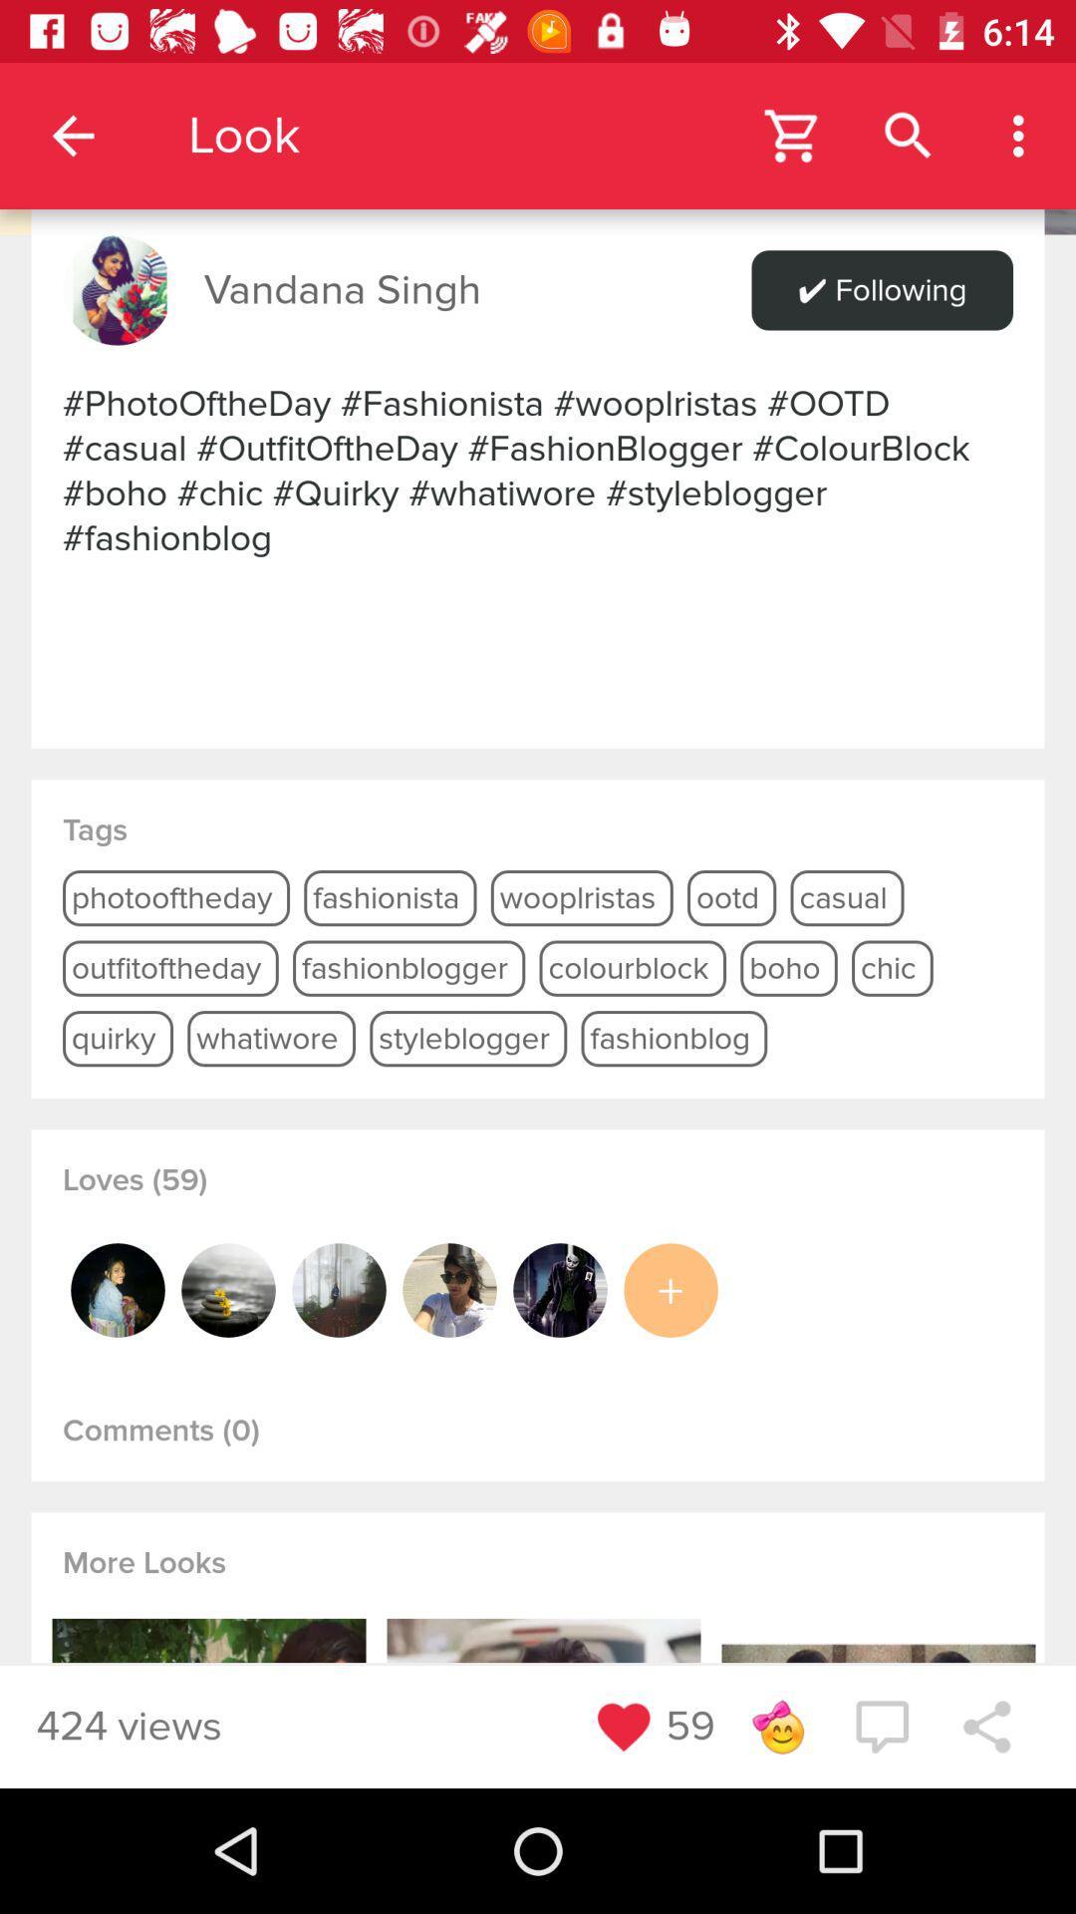 Image resolution: width=1076 pixels, height=1914 pixels. What do you see at coordinates (776, 1726) in the screenshot?
I see `feeling via emoji option` at bounding box center [776, 1726].